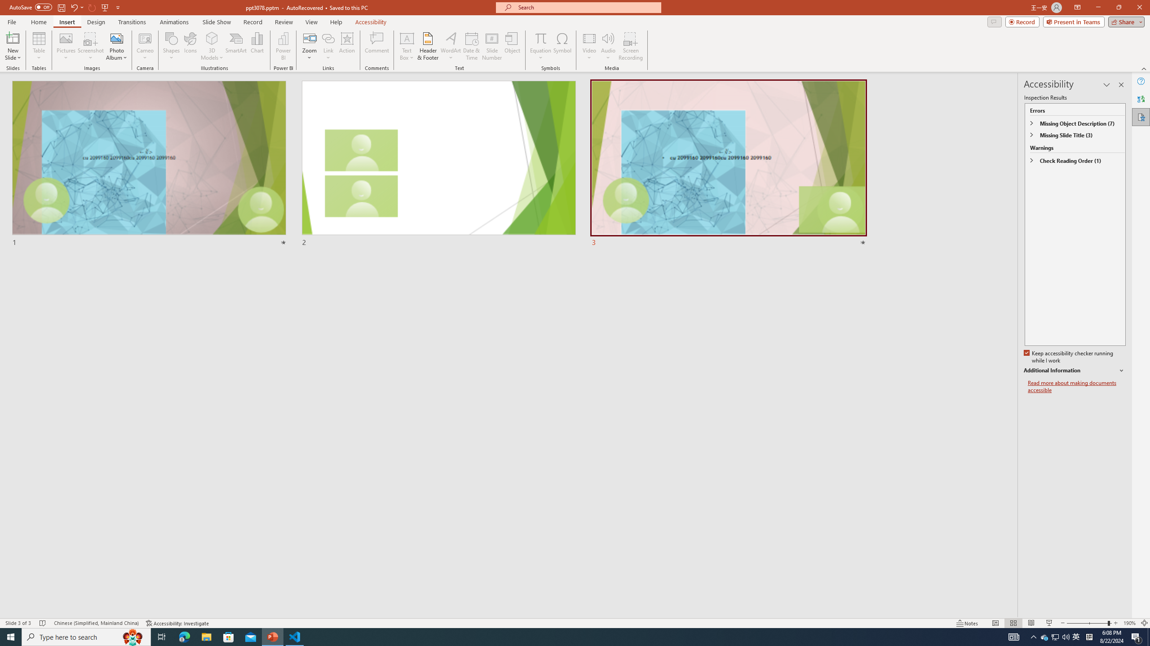 Image resolution: width=1150 pixels, height=646 pixels. I want to click on 'Slide Number', so click(491, 46).